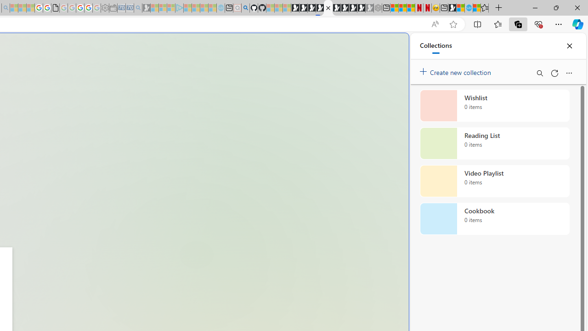 The height and width of the screenshot is (331, 588). Describe the element at coordinates (494, 181) in the screenshot. I see `'Video Playlist collection, 0 items'` at that location.